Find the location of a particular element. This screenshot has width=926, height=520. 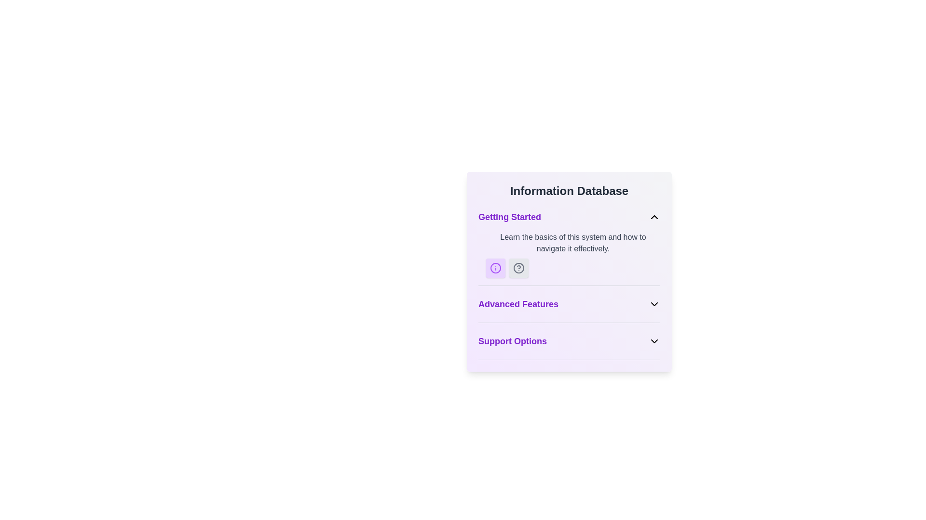

the text header 'Information Database', which is styled in bold, large font and is positioned at the top of a light gradient background box with rounded corners is located at coordinates (569, 191).